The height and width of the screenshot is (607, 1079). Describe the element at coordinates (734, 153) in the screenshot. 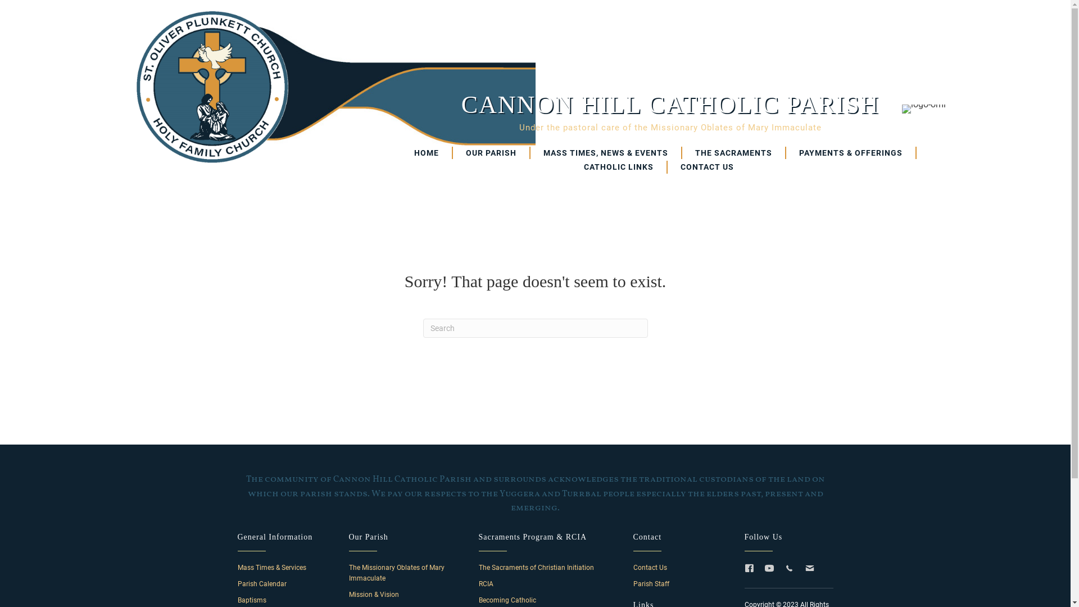

I see `'THE SACRAMENTS'` at that location.